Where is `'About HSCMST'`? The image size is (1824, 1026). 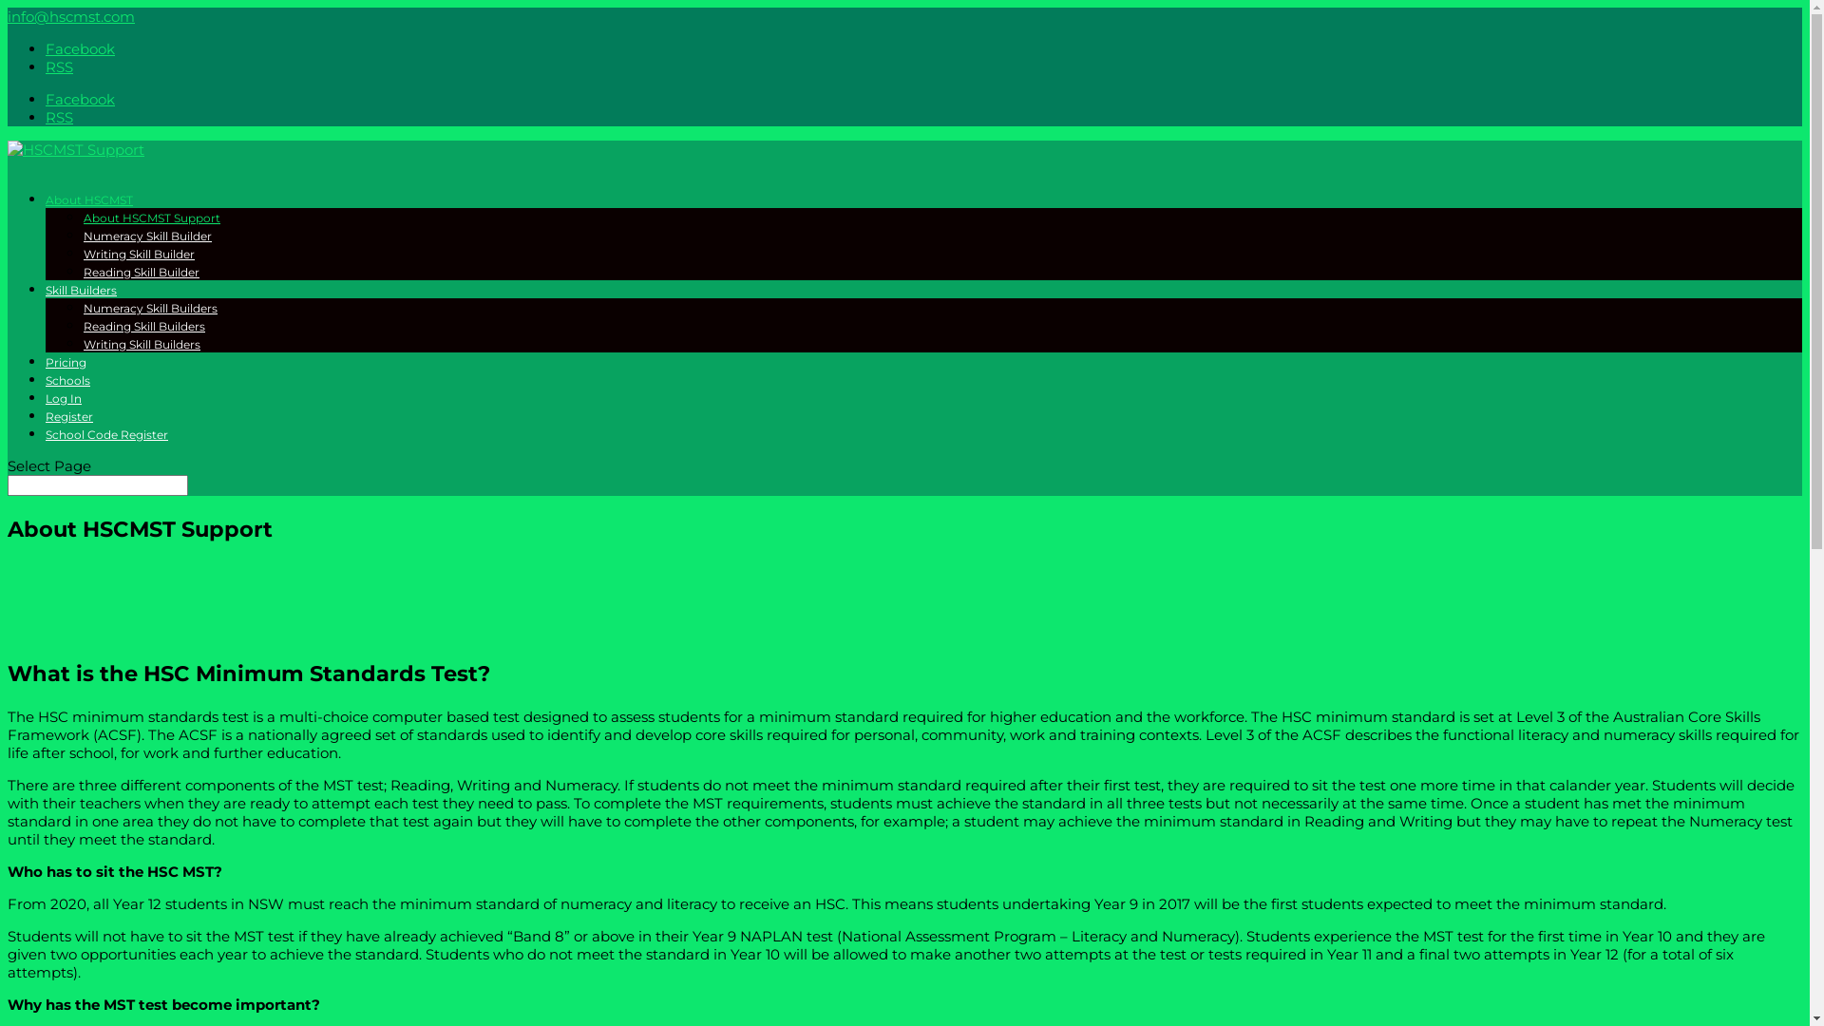 'About HSCMST' is located at coordinates (88, 208).